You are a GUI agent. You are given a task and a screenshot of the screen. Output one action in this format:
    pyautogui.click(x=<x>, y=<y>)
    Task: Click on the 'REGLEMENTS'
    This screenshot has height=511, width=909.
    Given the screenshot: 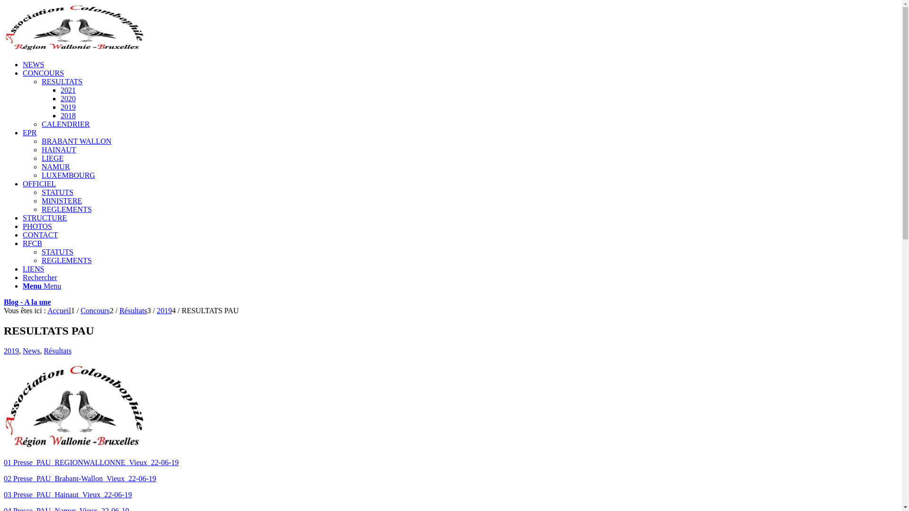 What is the action you would take?
    pyautogui.click(x=66, y=260)
    